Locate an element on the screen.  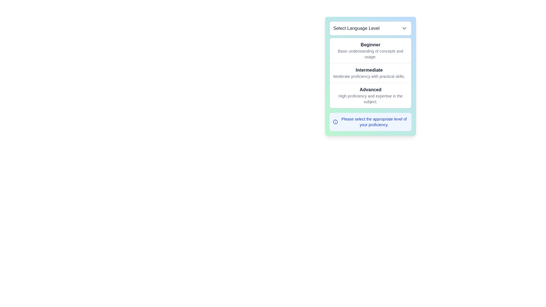
the clickable list item labeled 'Intermediate' that describes 'Moderate proficiency with practical skills.' located under the 'Select Language Level' heading is located at coordinates (369, 73).